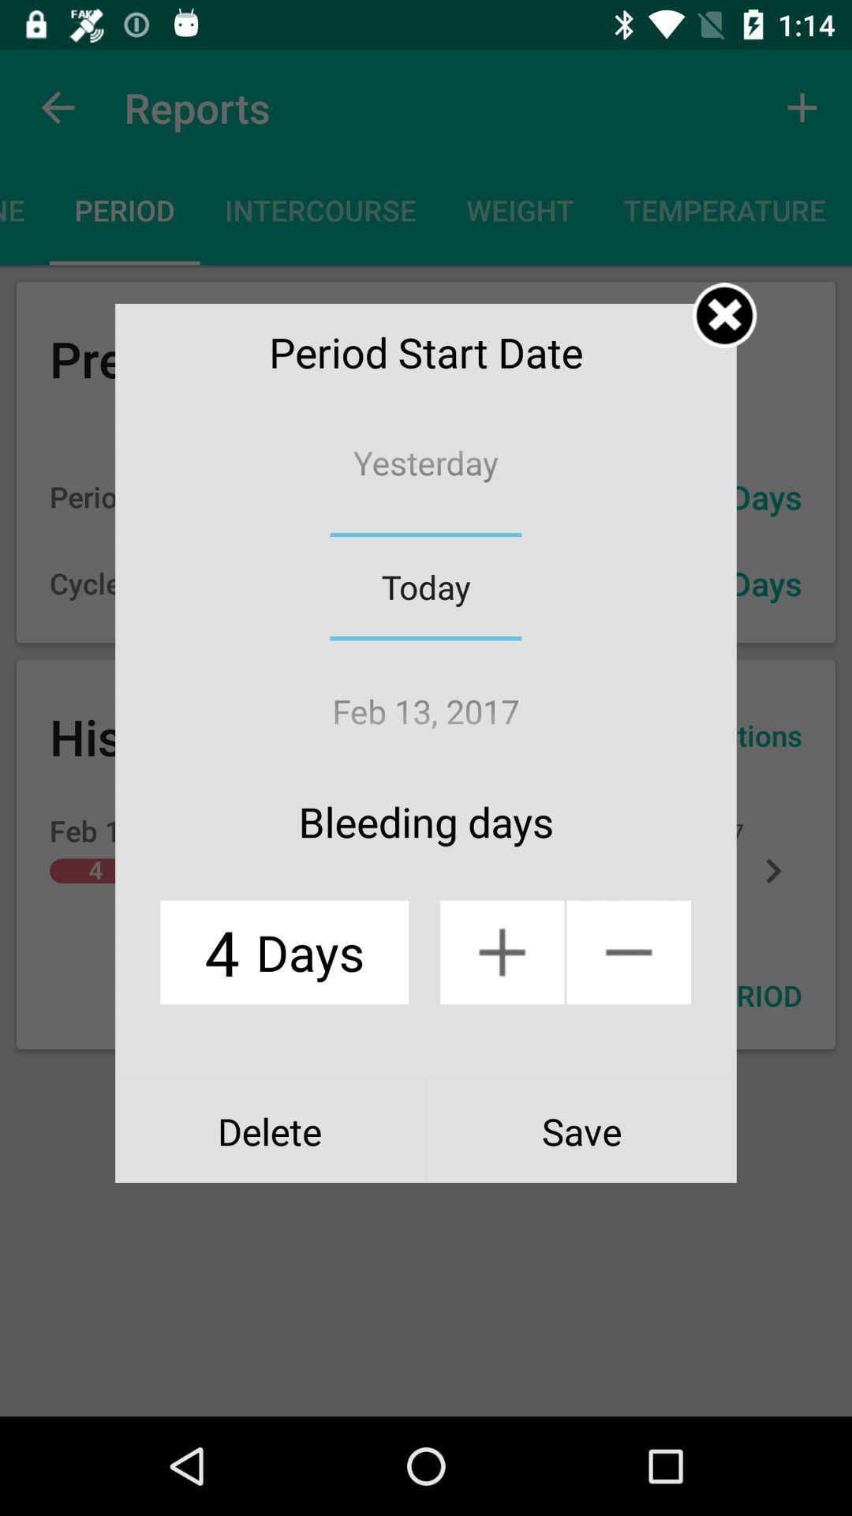 The height and width of the screenshot is (1516, 852). Describe the element at coordinates (502, 951) in the screenshot. I see `next day` at that location.